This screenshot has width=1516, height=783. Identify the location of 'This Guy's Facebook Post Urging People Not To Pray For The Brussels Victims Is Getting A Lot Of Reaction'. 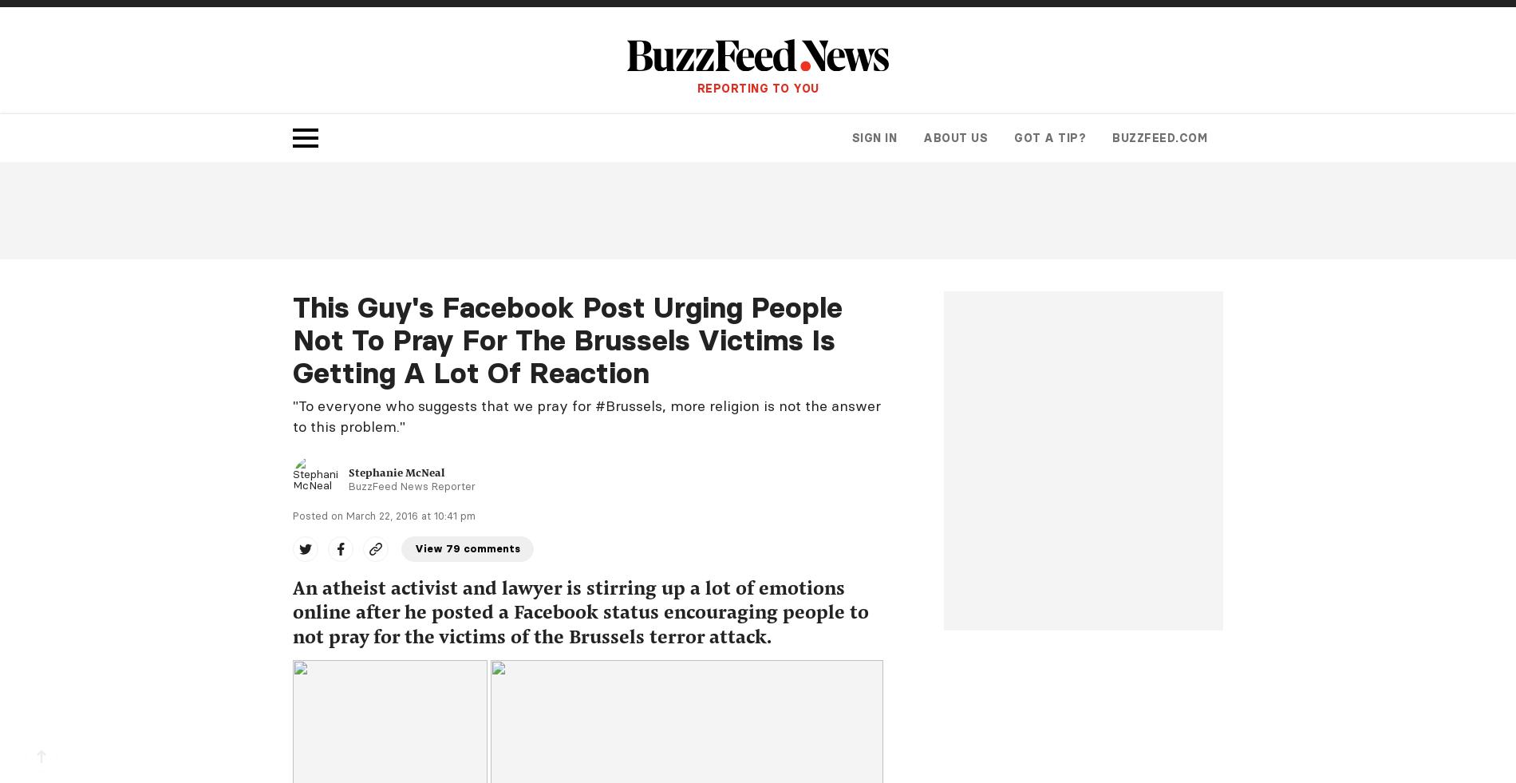
(567, 338).